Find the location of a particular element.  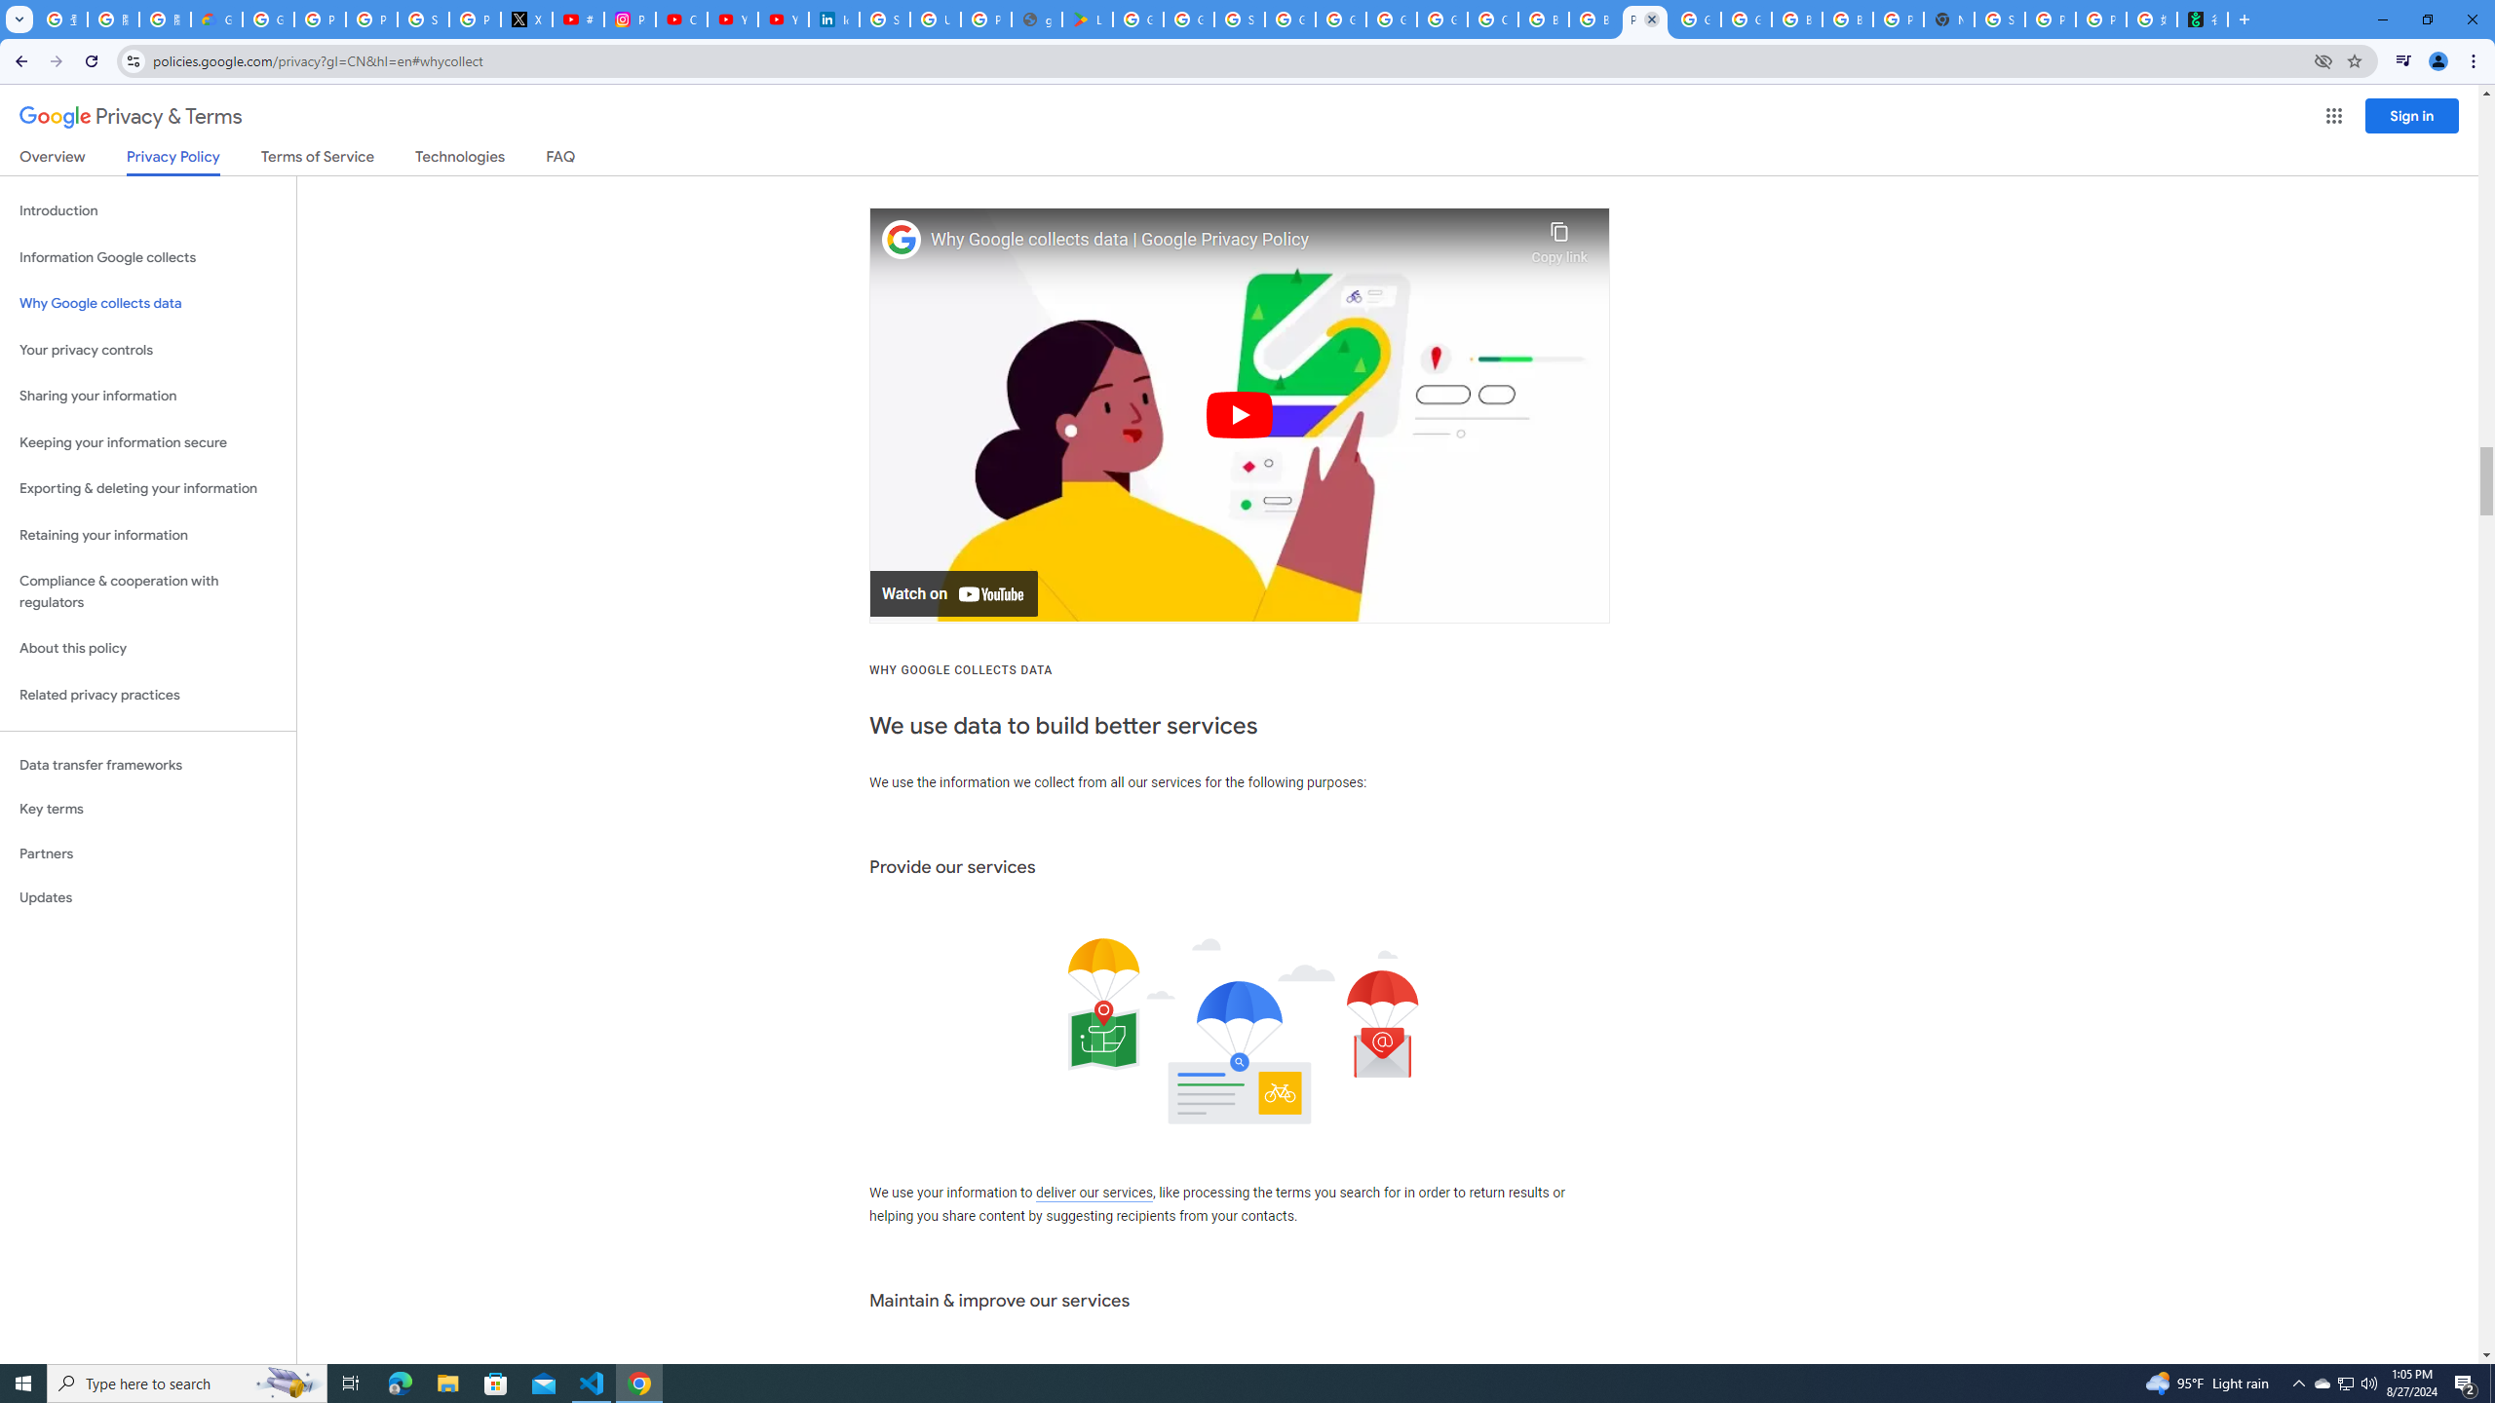

'Related privacy practices' is located at coordinates (147, 694).